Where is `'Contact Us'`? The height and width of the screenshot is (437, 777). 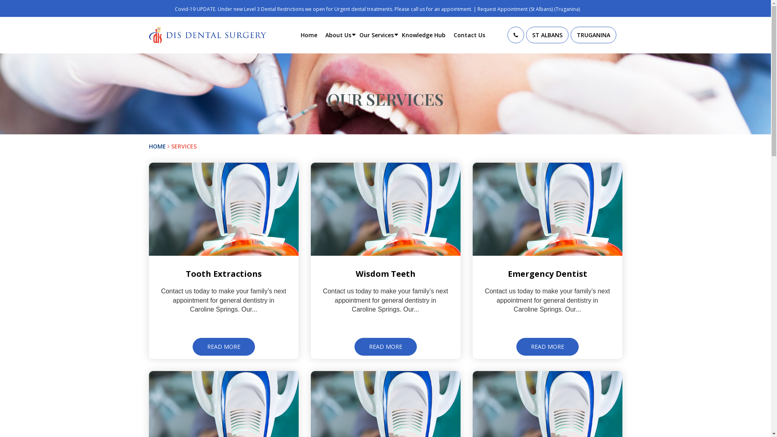
'Contact Us' is located at coordinates (449, 34).